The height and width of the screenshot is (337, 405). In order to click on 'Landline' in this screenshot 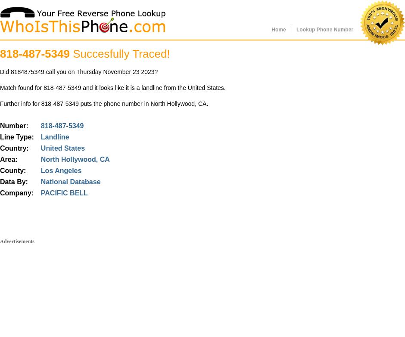, I will do `click(54, 137)`.